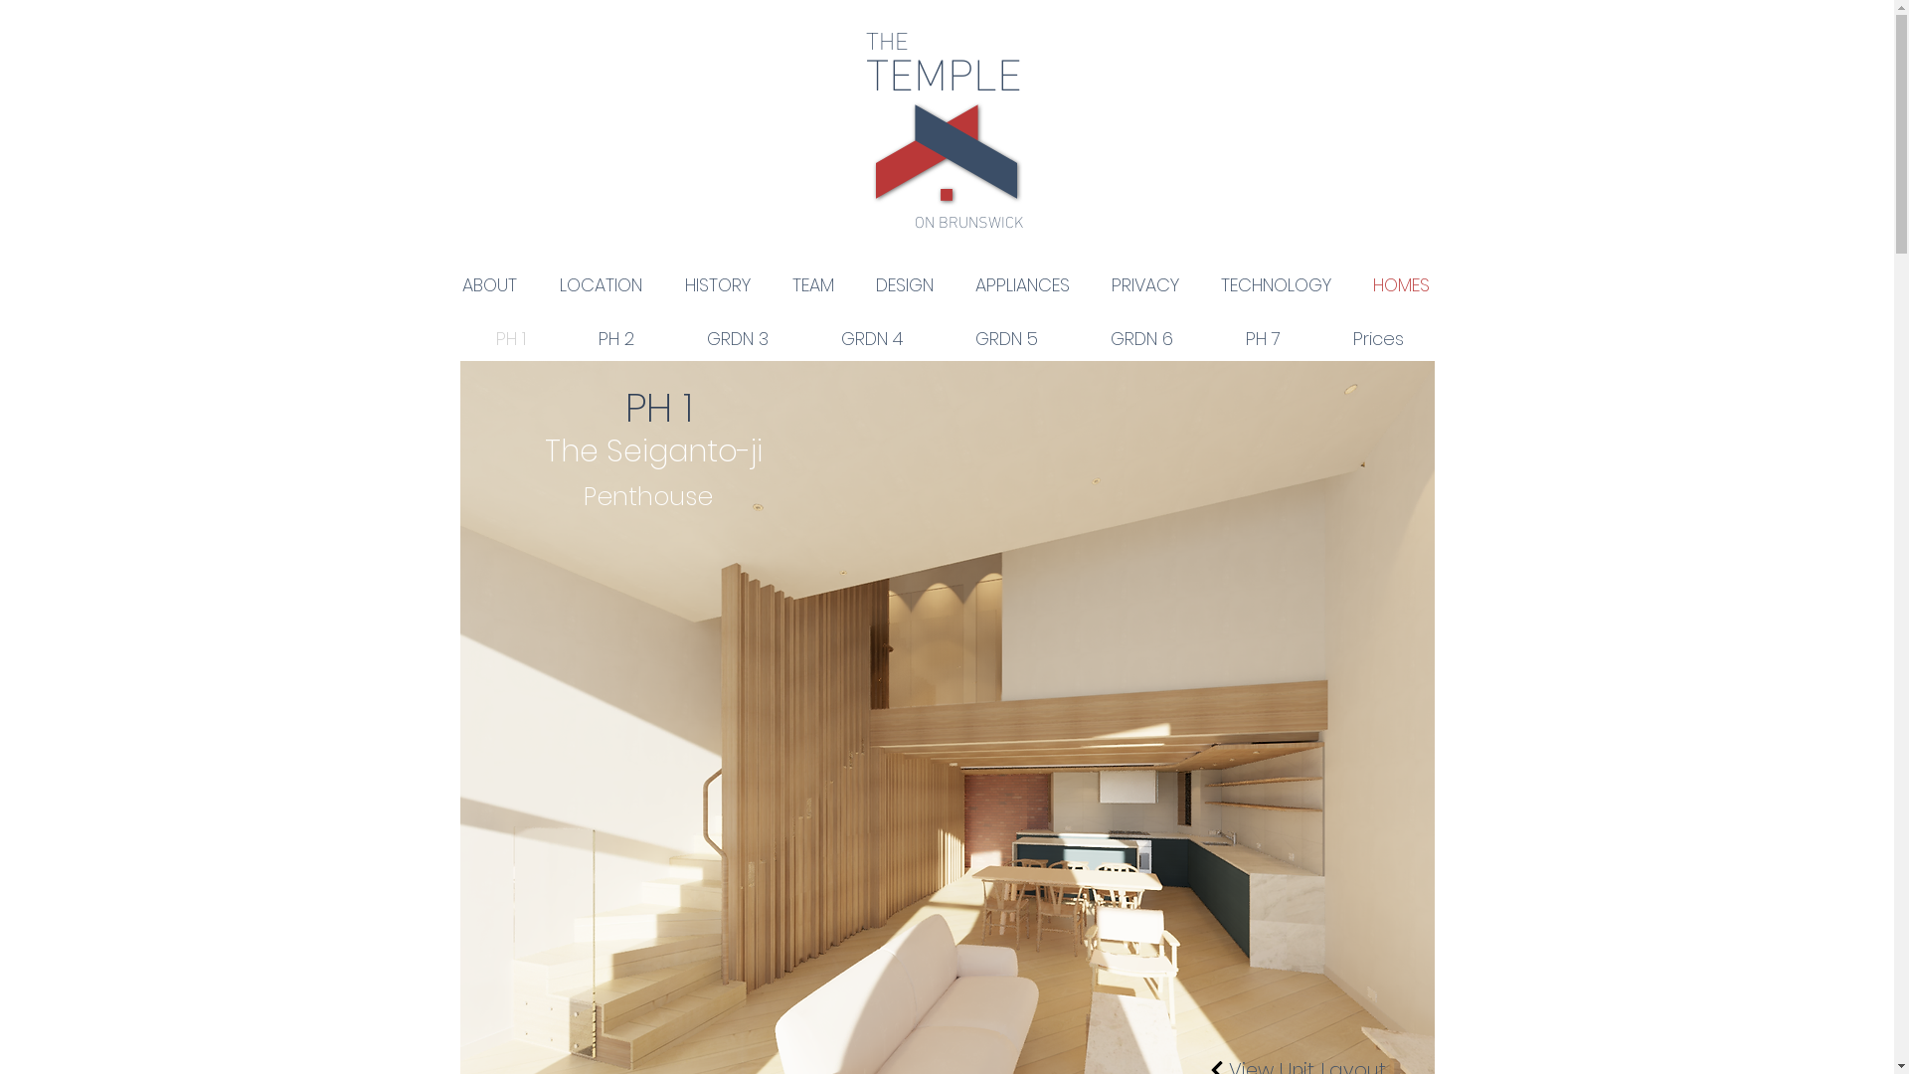  I want to click on 'TEAM', so click(812, 284).